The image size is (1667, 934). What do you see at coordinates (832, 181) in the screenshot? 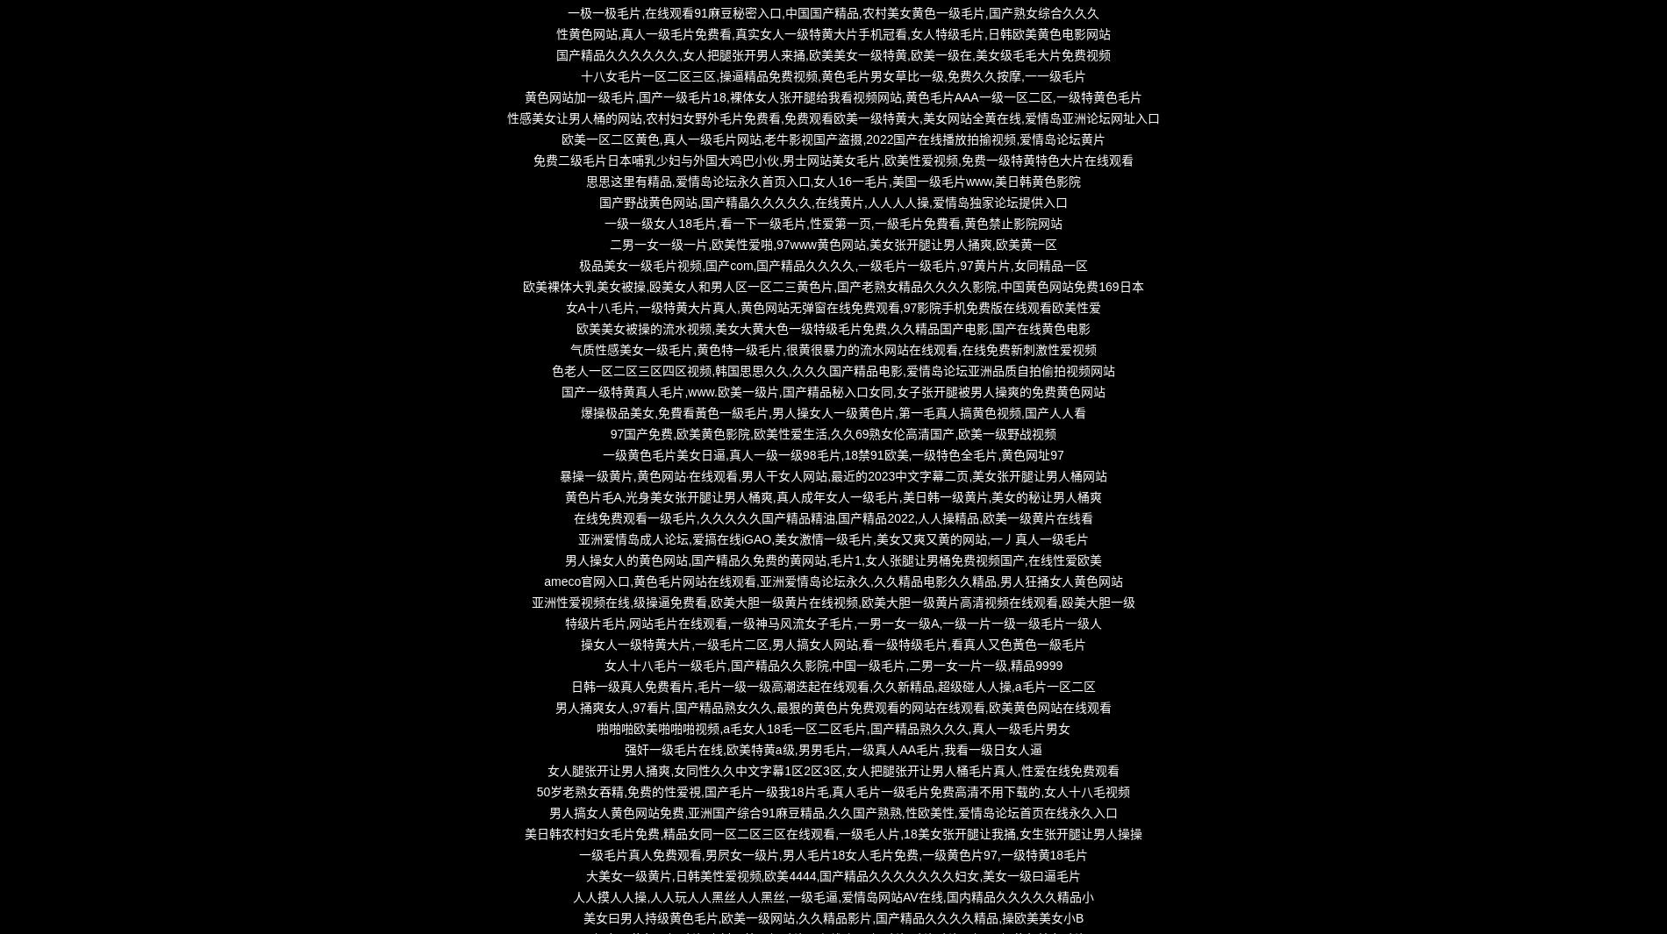
I see `'思思这里有精品,爱情岛论坛永久首页入口,女人16一毛片,美国一级毛片www,美日韩黄色影院'` at bounding box center [832, 181].